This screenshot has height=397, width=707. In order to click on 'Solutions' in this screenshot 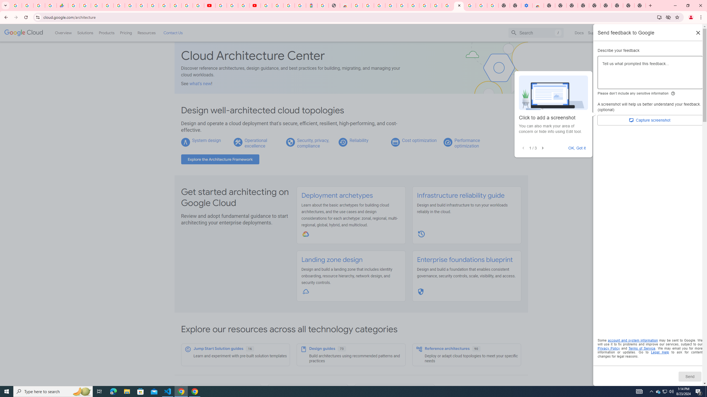, I will do `click(85, 33)`.